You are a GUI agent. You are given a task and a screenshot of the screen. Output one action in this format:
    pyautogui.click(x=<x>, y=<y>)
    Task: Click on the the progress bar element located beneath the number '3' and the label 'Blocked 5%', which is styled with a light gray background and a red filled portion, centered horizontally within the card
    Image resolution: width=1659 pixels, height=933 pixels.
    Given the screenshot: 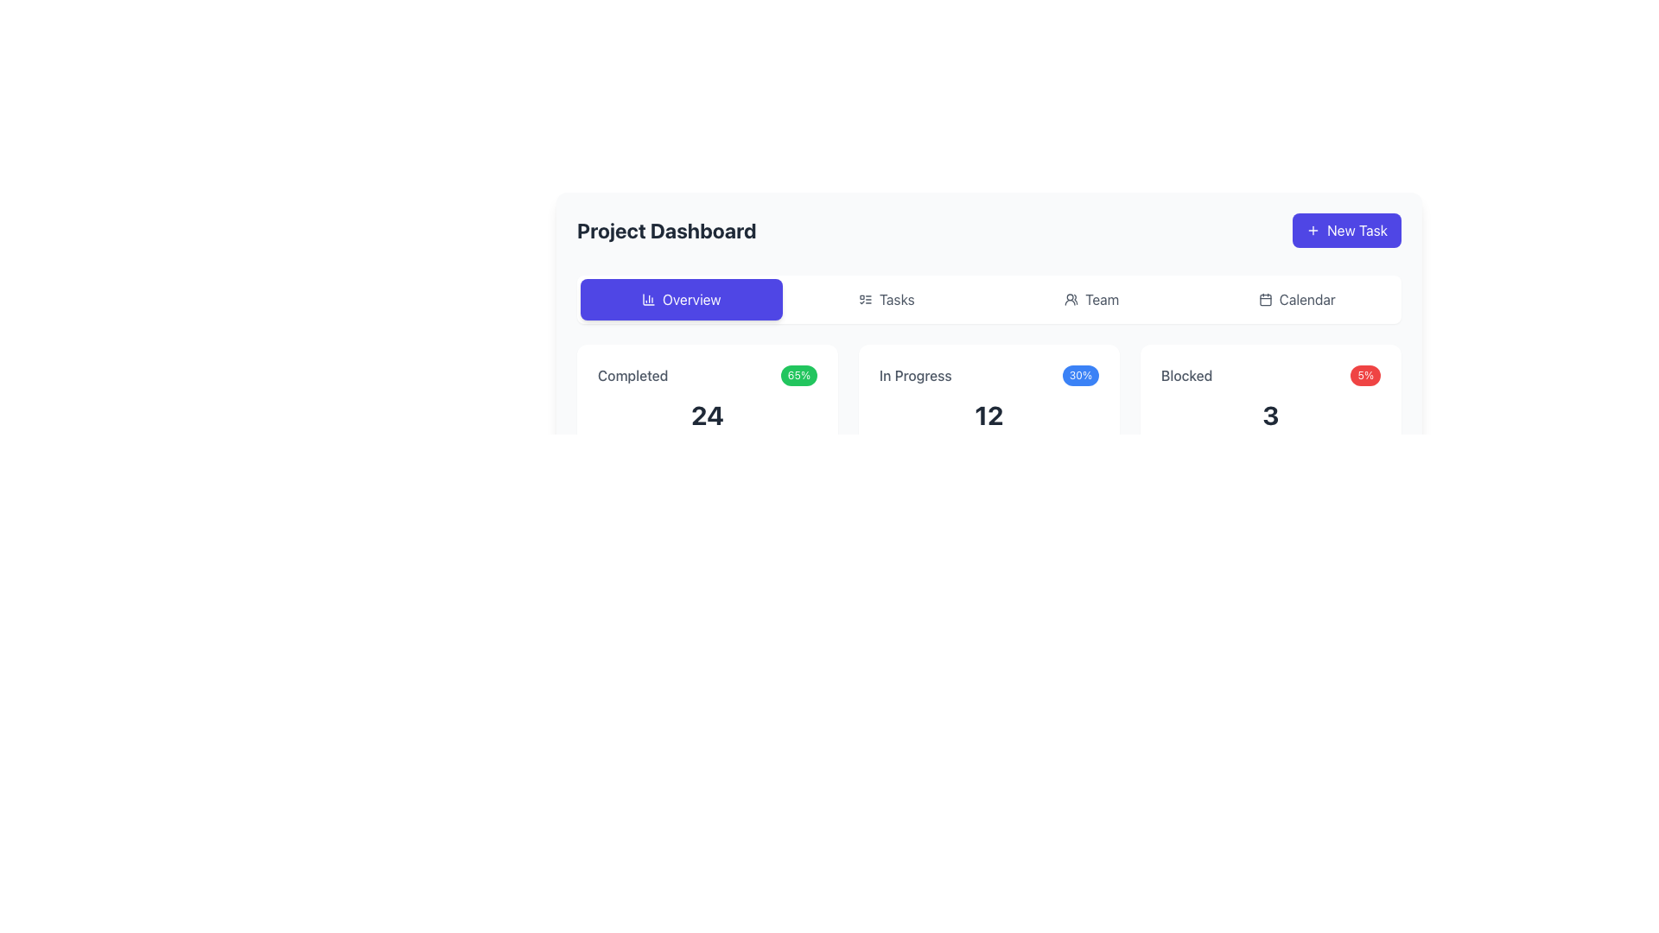 What is the action you would take?
    pyautogui.click(x=1270, y=447)
    